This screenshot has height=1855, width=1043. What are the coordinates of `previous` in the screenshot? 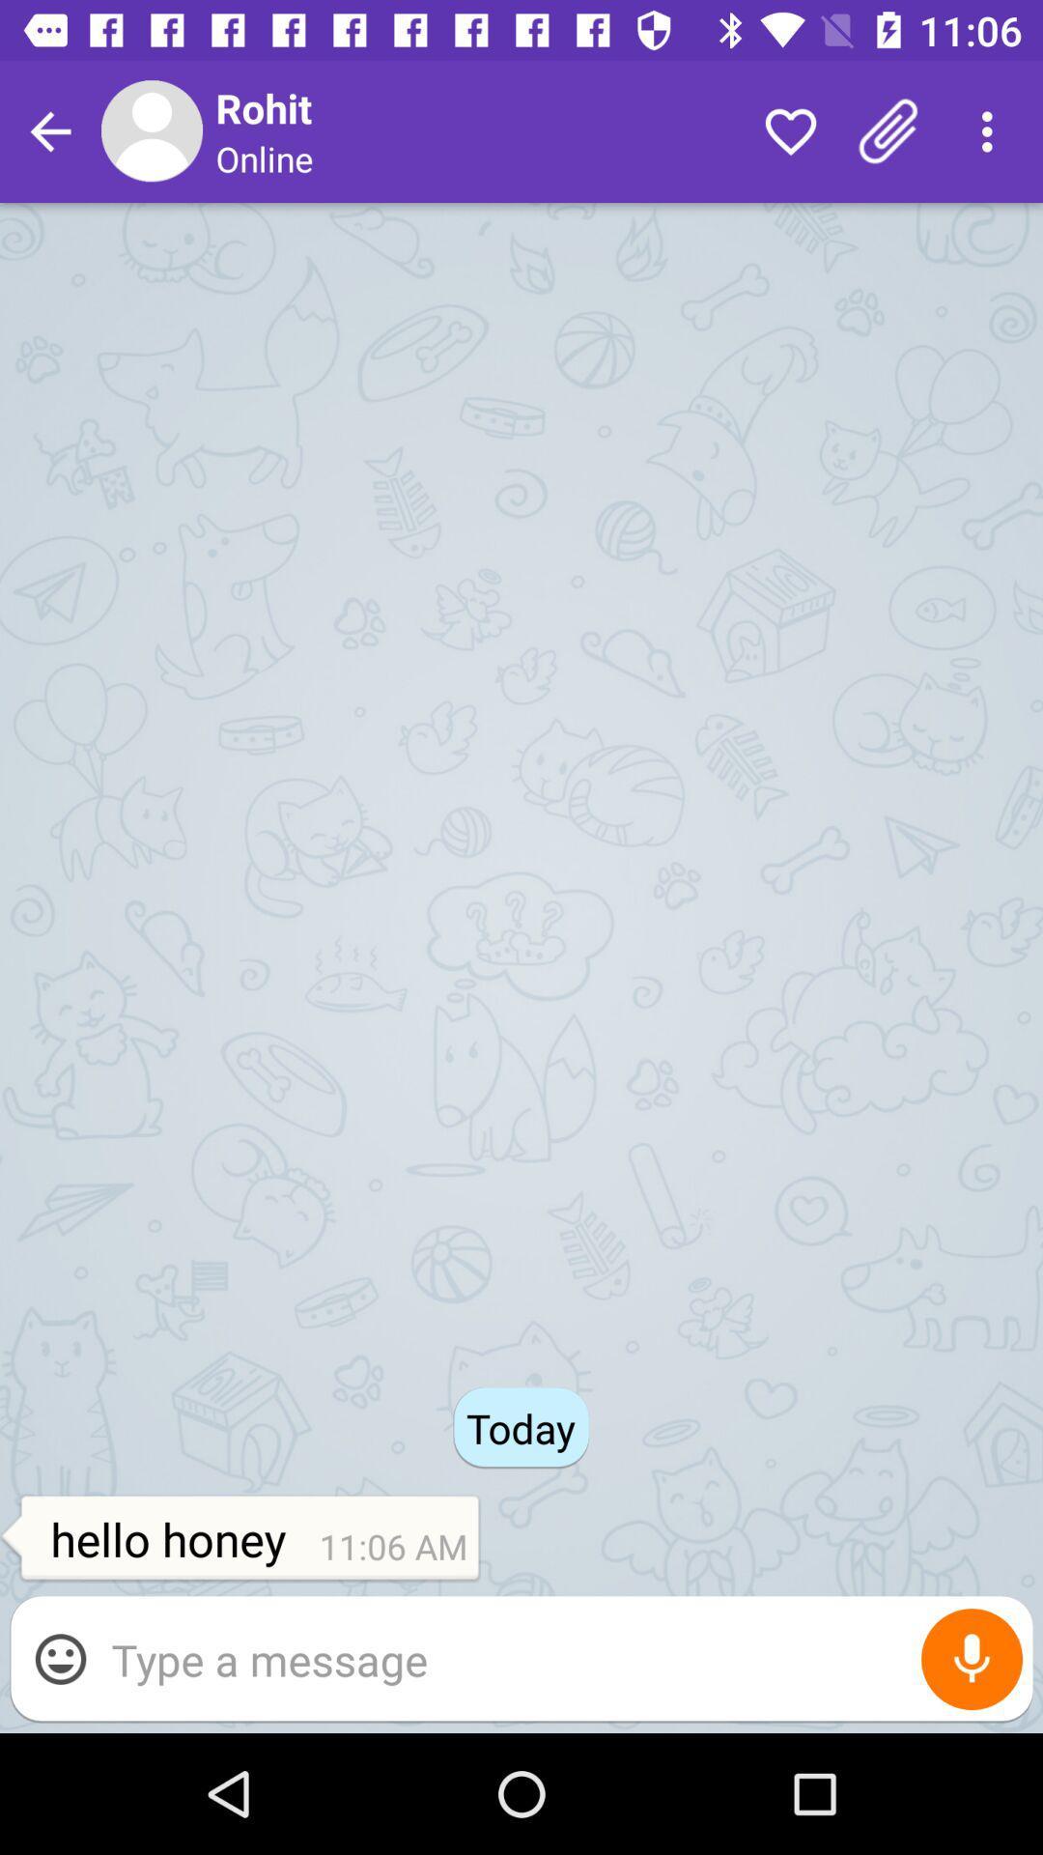 It's located at (49, 130).